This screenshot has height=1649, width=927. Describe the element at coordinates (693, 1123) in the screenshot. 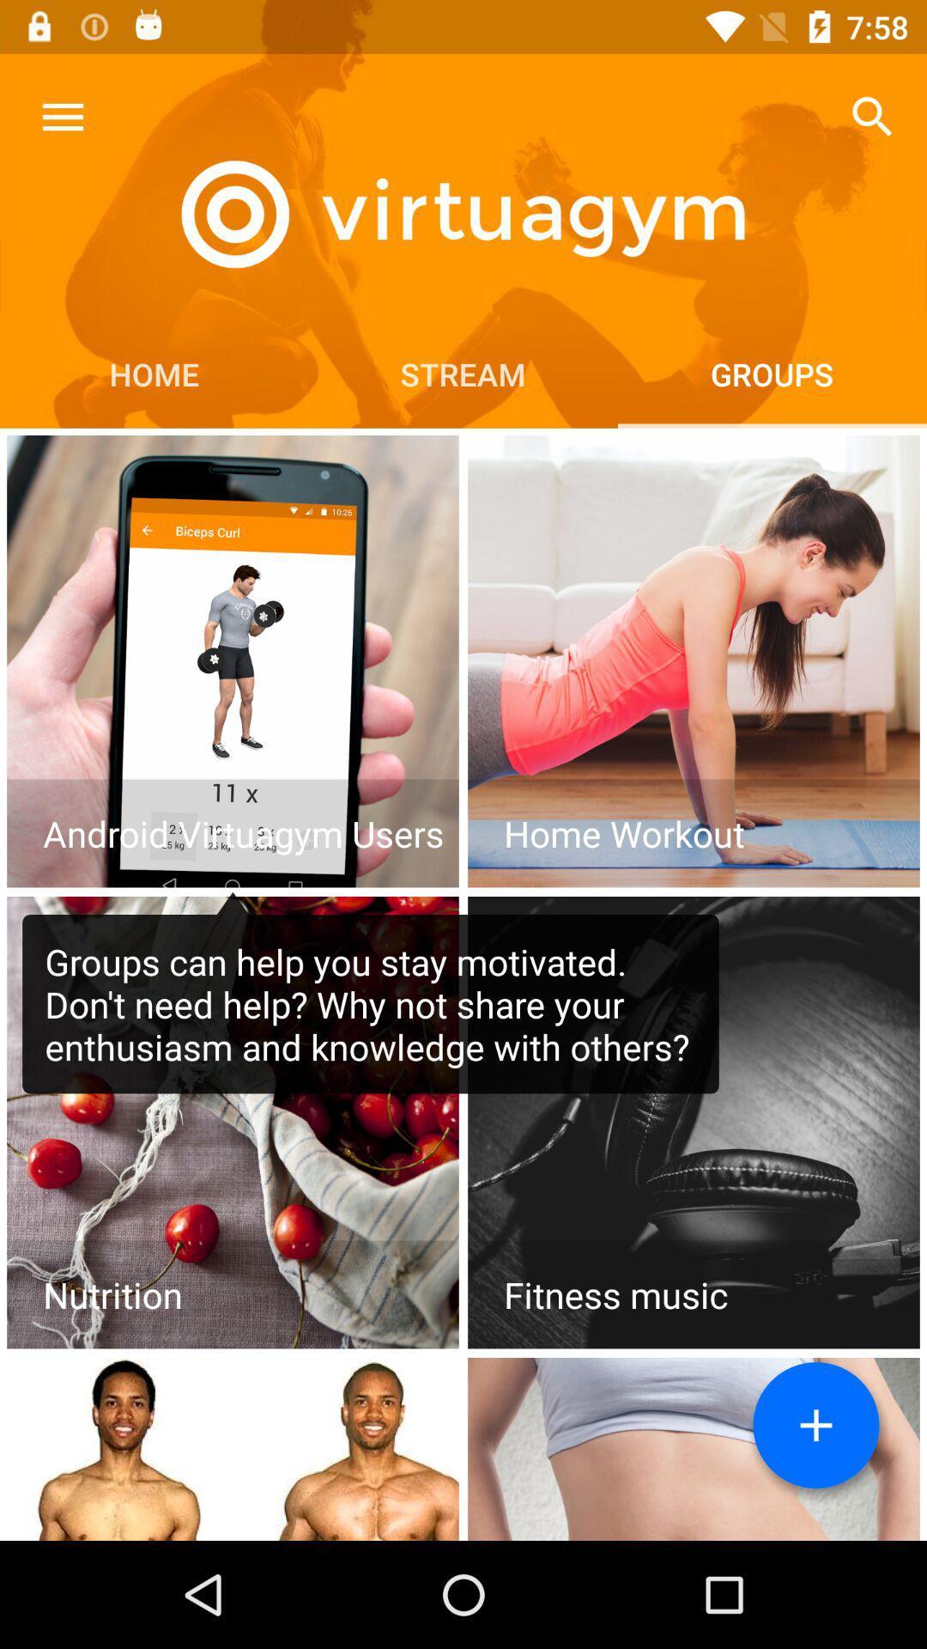

I see `fitness music` at that location.